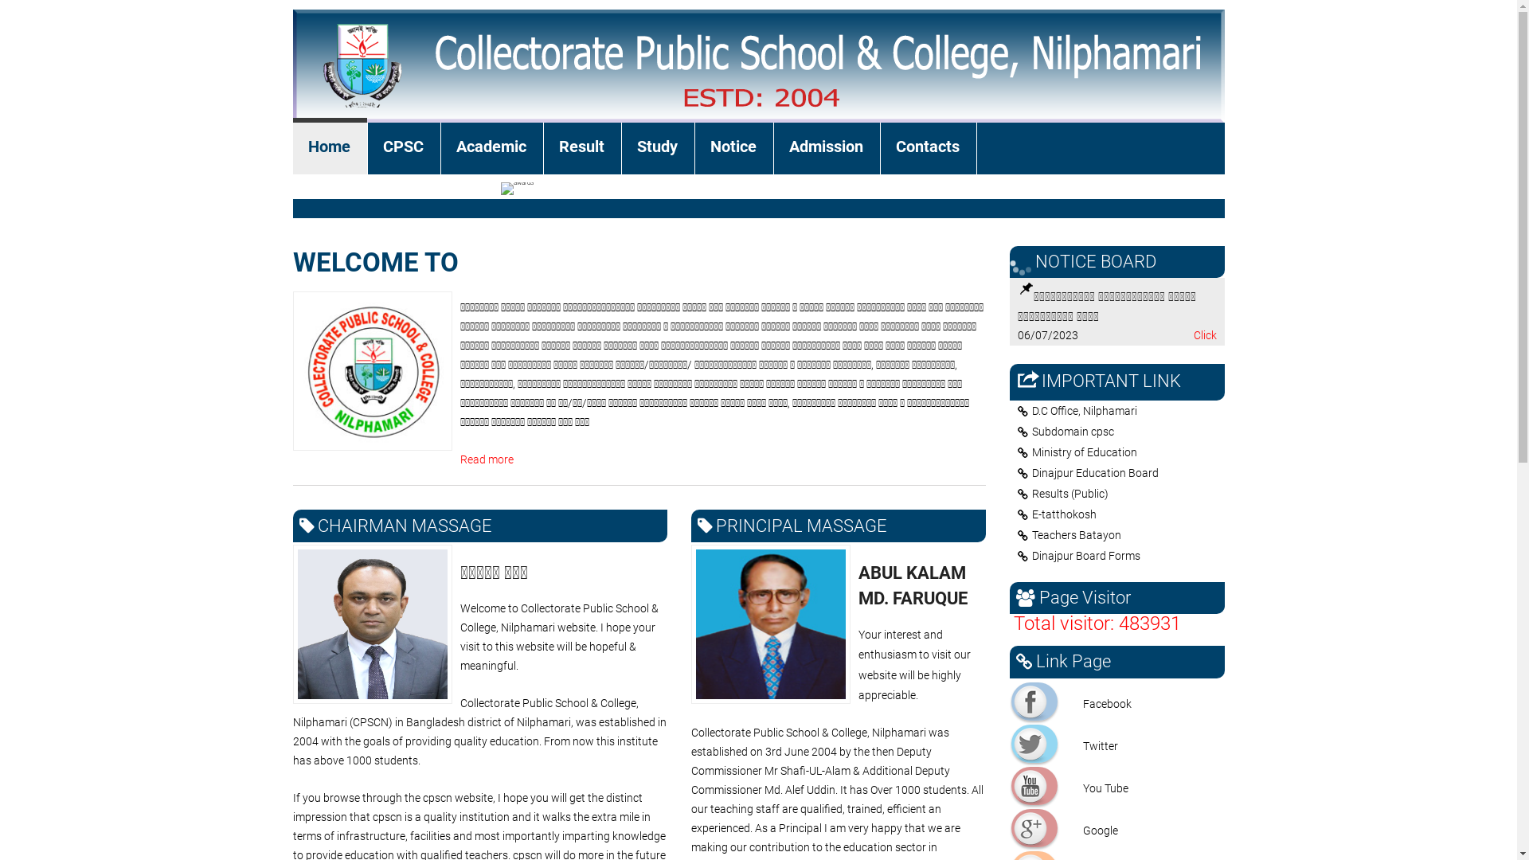 This screenshot has width=1529, height=860. Describe the element at coordinates (1120, 451) in the screenshot. I see `'Ministry of Education'` at that location.